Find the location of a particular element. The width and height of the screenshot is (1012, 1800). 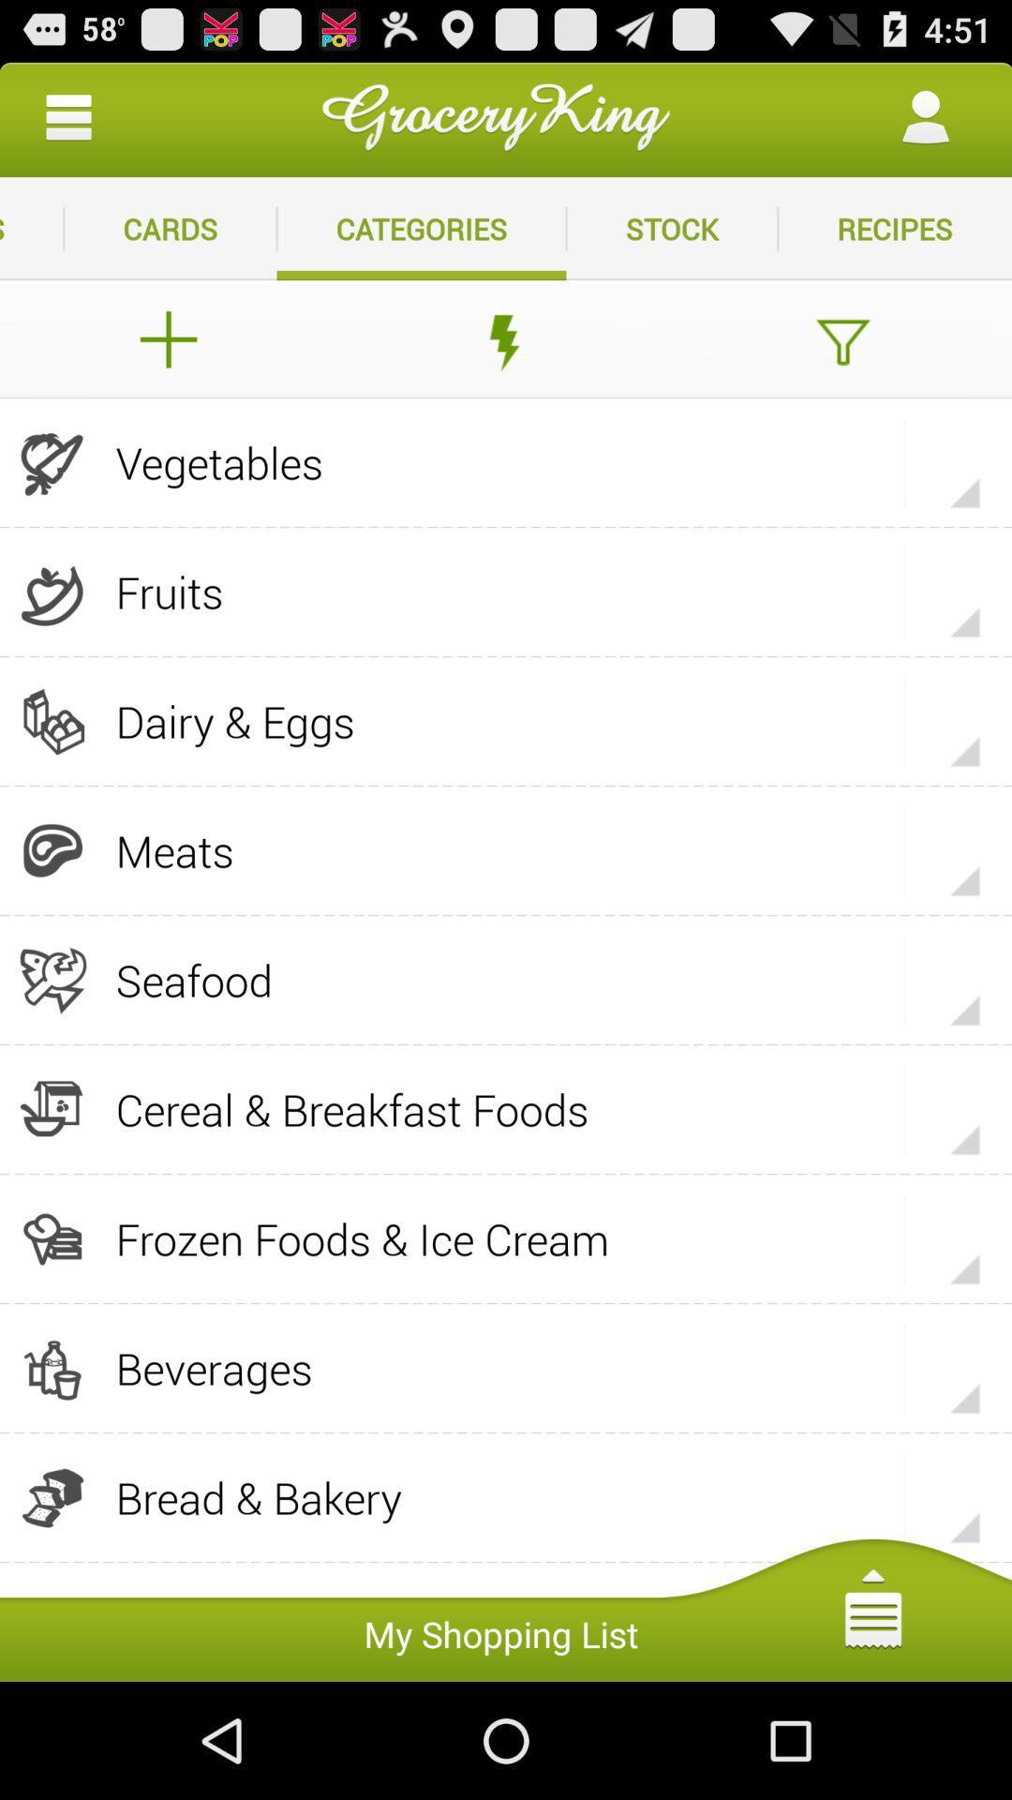

the font icon is located at coordinates (841, 363).